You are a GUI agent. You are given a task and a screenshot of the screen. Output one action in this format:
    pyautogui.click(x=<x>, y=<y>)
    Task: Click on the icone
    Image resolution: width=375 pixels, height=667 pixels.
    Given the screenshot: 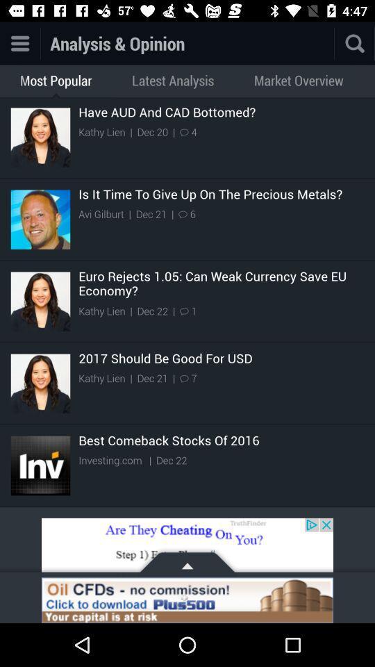 What is the action you would take?
    pyautogui.click(x=187, y=600)
    